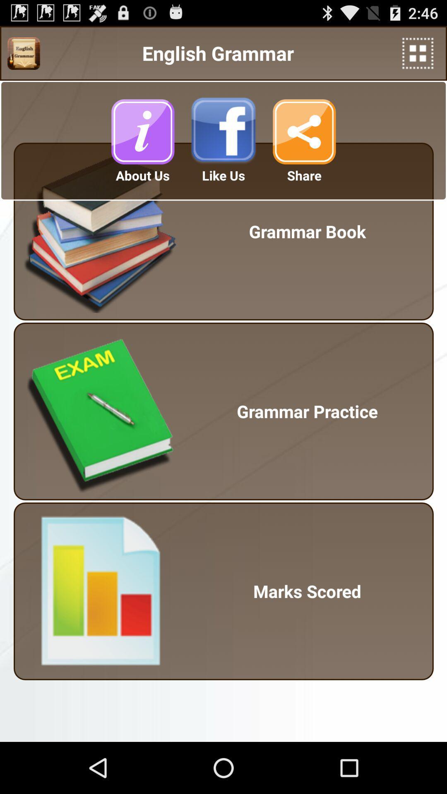  What do you see at coordinates (223, 131) in the screenshot?
I see `visit facebook page` at bounding box center [223, 131].